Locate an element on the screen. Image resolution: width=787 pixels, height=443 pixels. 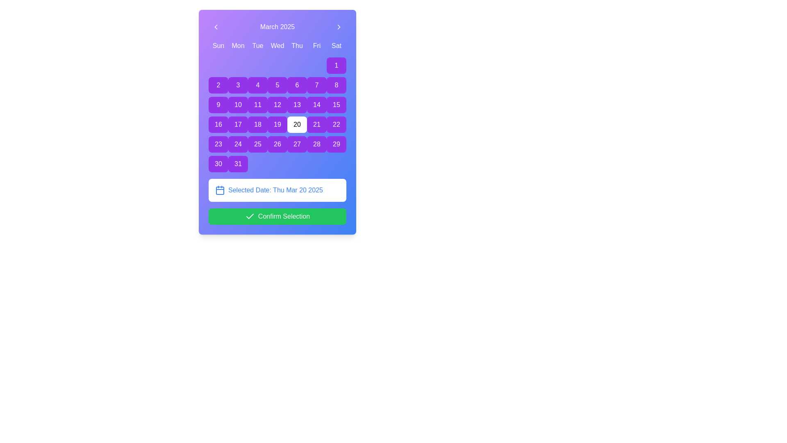
the 'Sun' label in the weekly calendar header, which is the first item in the sequence of days and is positioned at the top left of the interface is located at coordinates (218, 46).